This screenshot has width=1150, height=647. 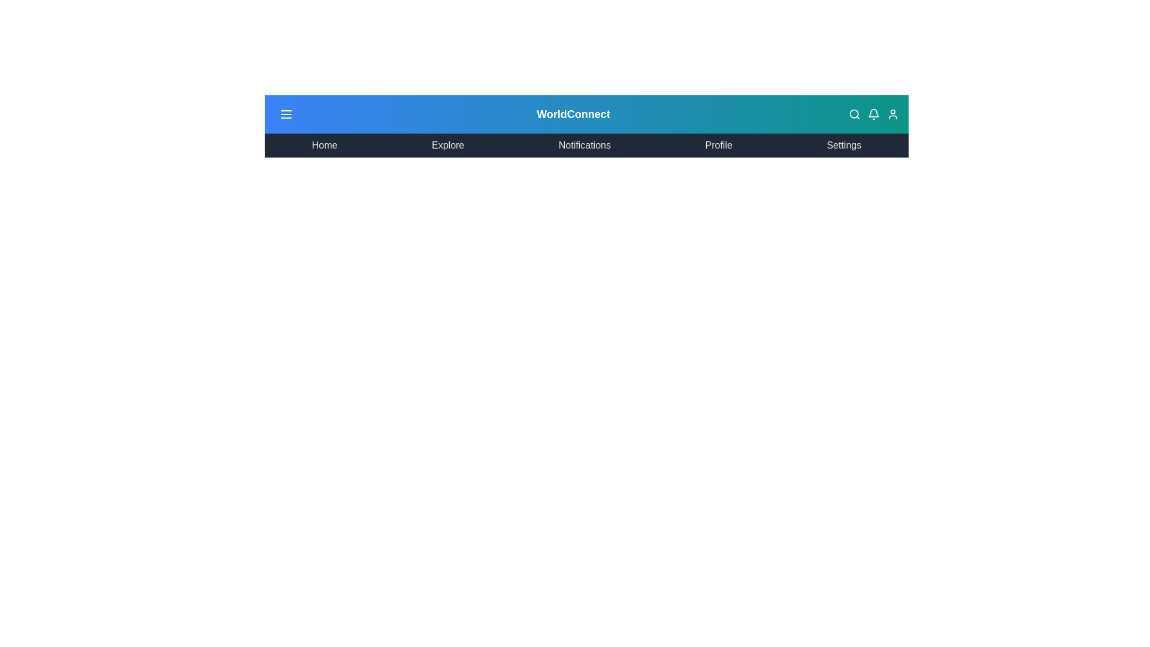 I want to click on the search icon in the top-right corner of the GlobalAppBar, so click(x=854, y=114).